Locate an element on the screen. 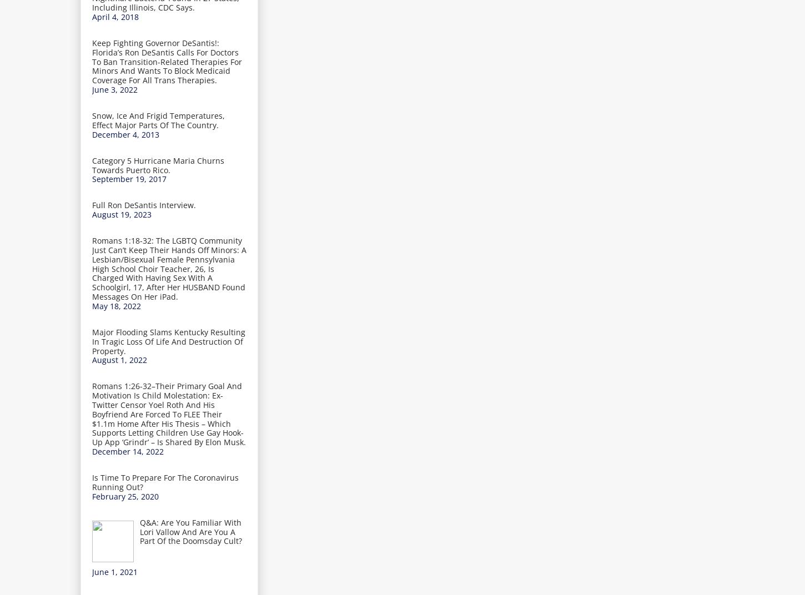 The width and height of the screenshot is (805, 595). 'June 3, 2022' is located at coordinates (92, 88).